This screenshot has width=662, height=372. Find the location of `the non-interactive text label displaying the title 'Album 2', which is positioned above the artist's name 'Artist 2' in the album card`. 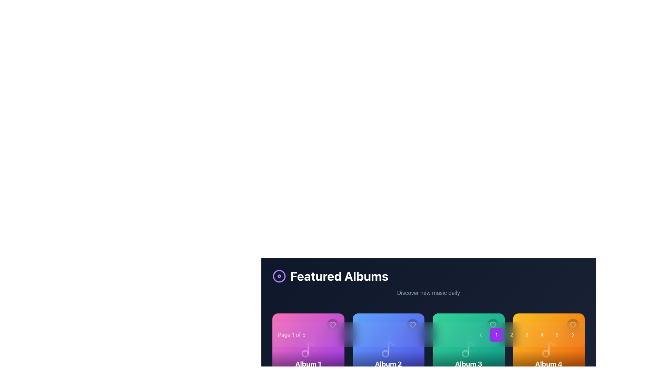

the non-interactive text label displaying the title 'Album 2', which is positioned above the artist's name 'Artist 2' in the album card is located at coordinates (388, 363).